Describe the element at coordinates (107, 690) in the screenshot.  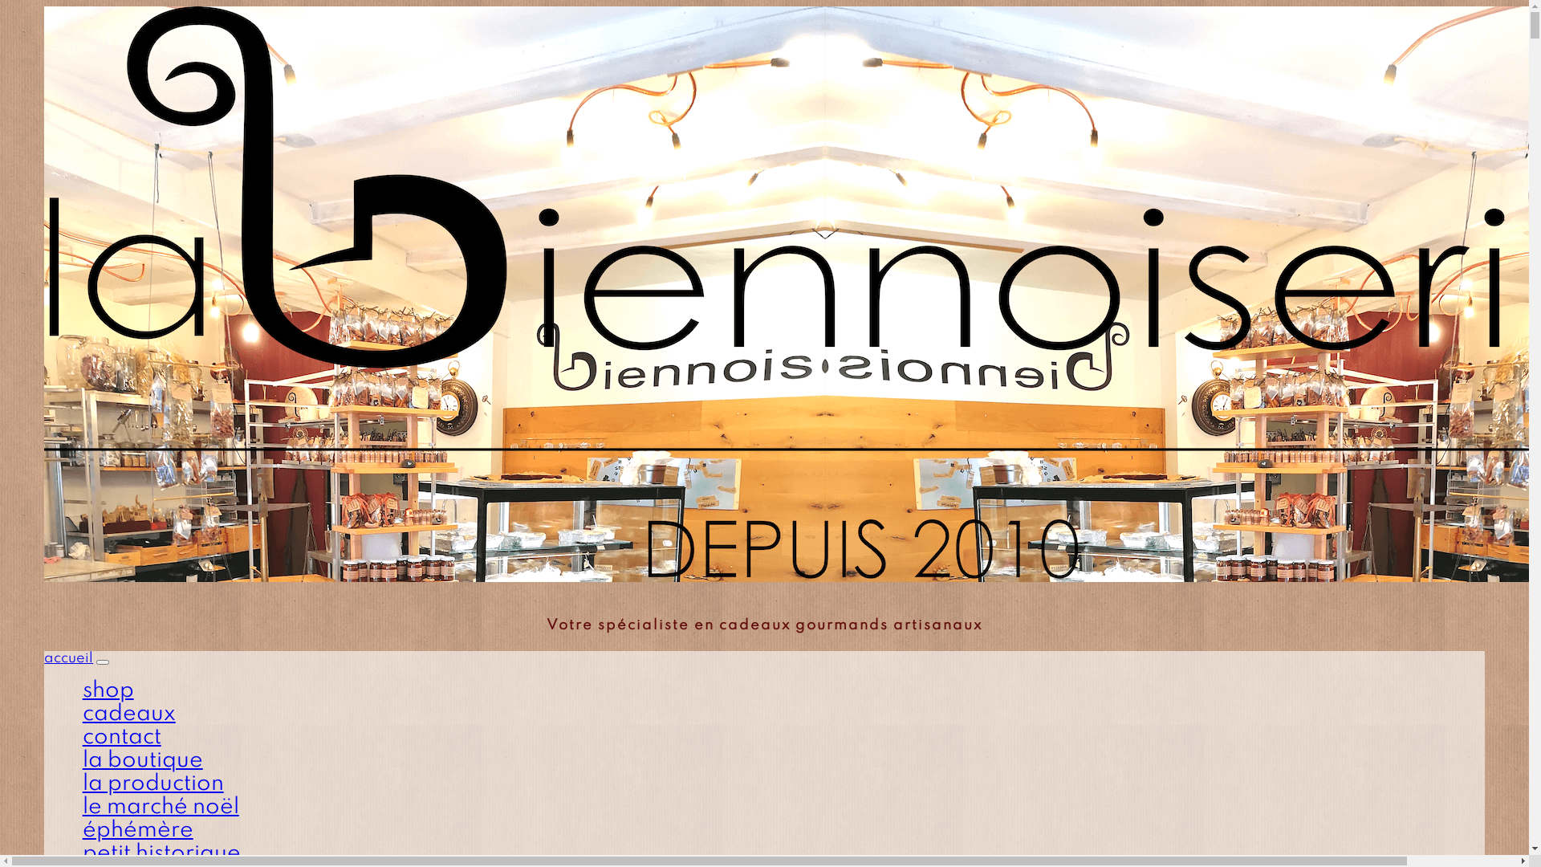
I see `'shop'` at that location.